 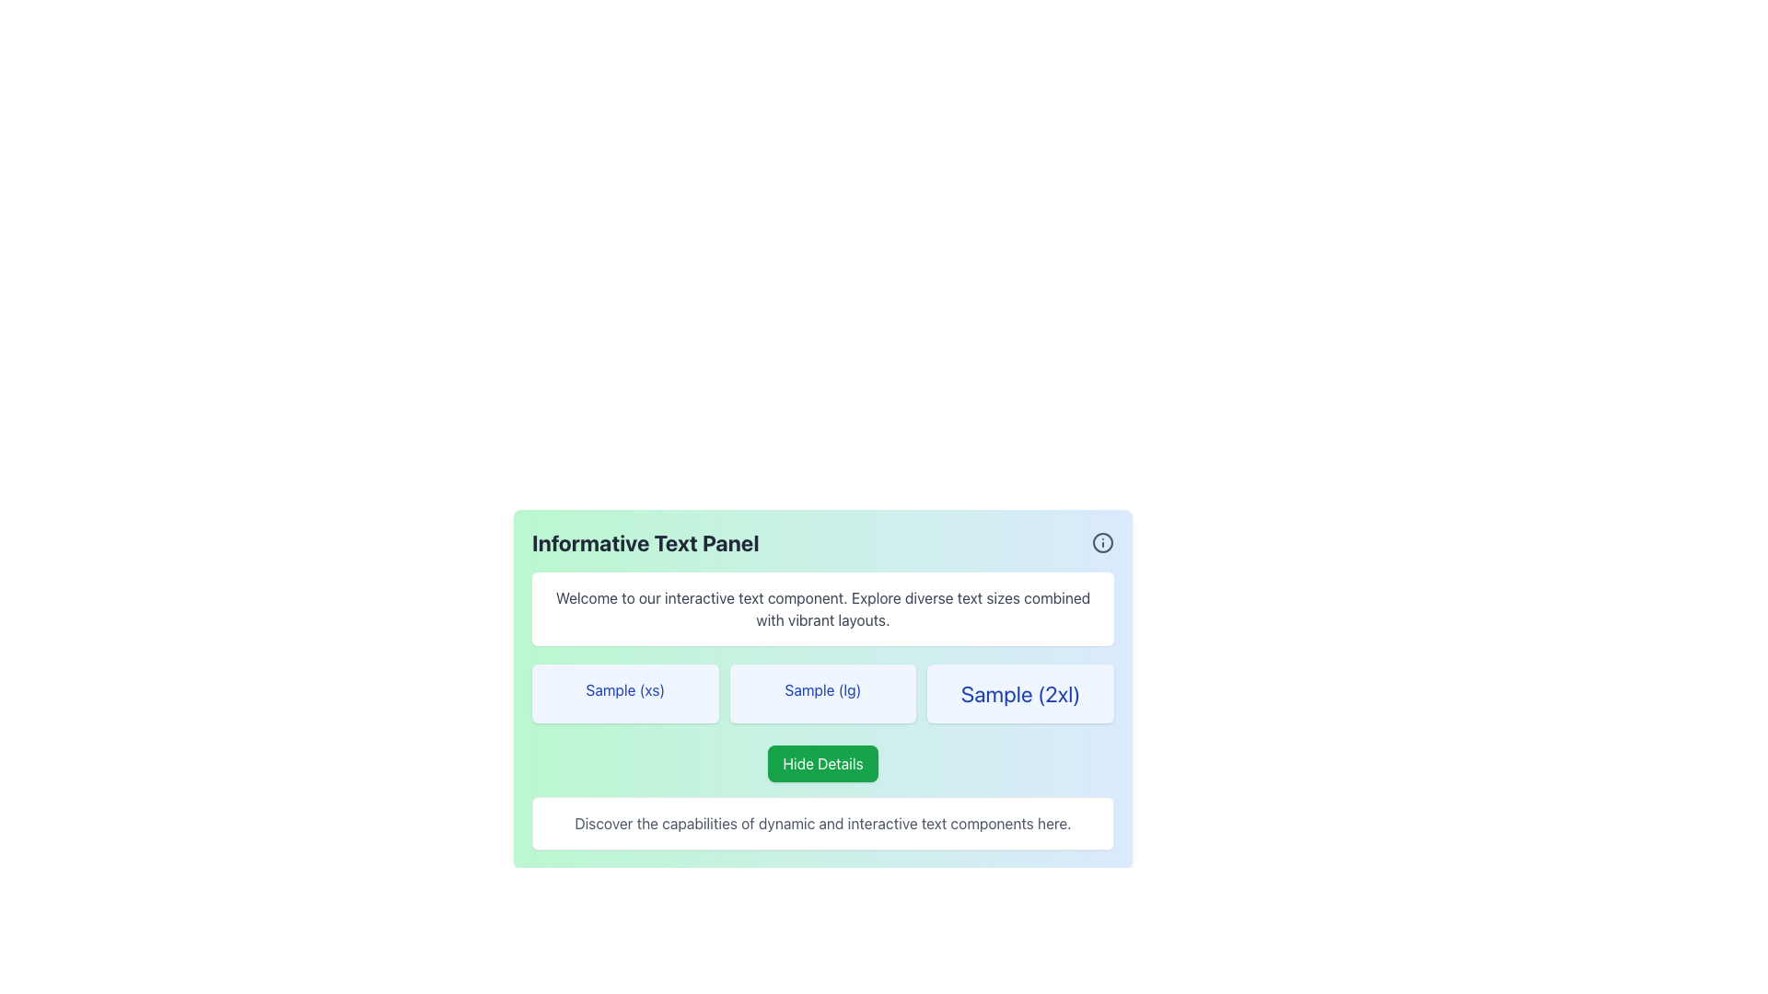 I want to click on the circular informational icon located in the top-right corner of the 'Informative Text Panel', so click(x=1103, y=542).